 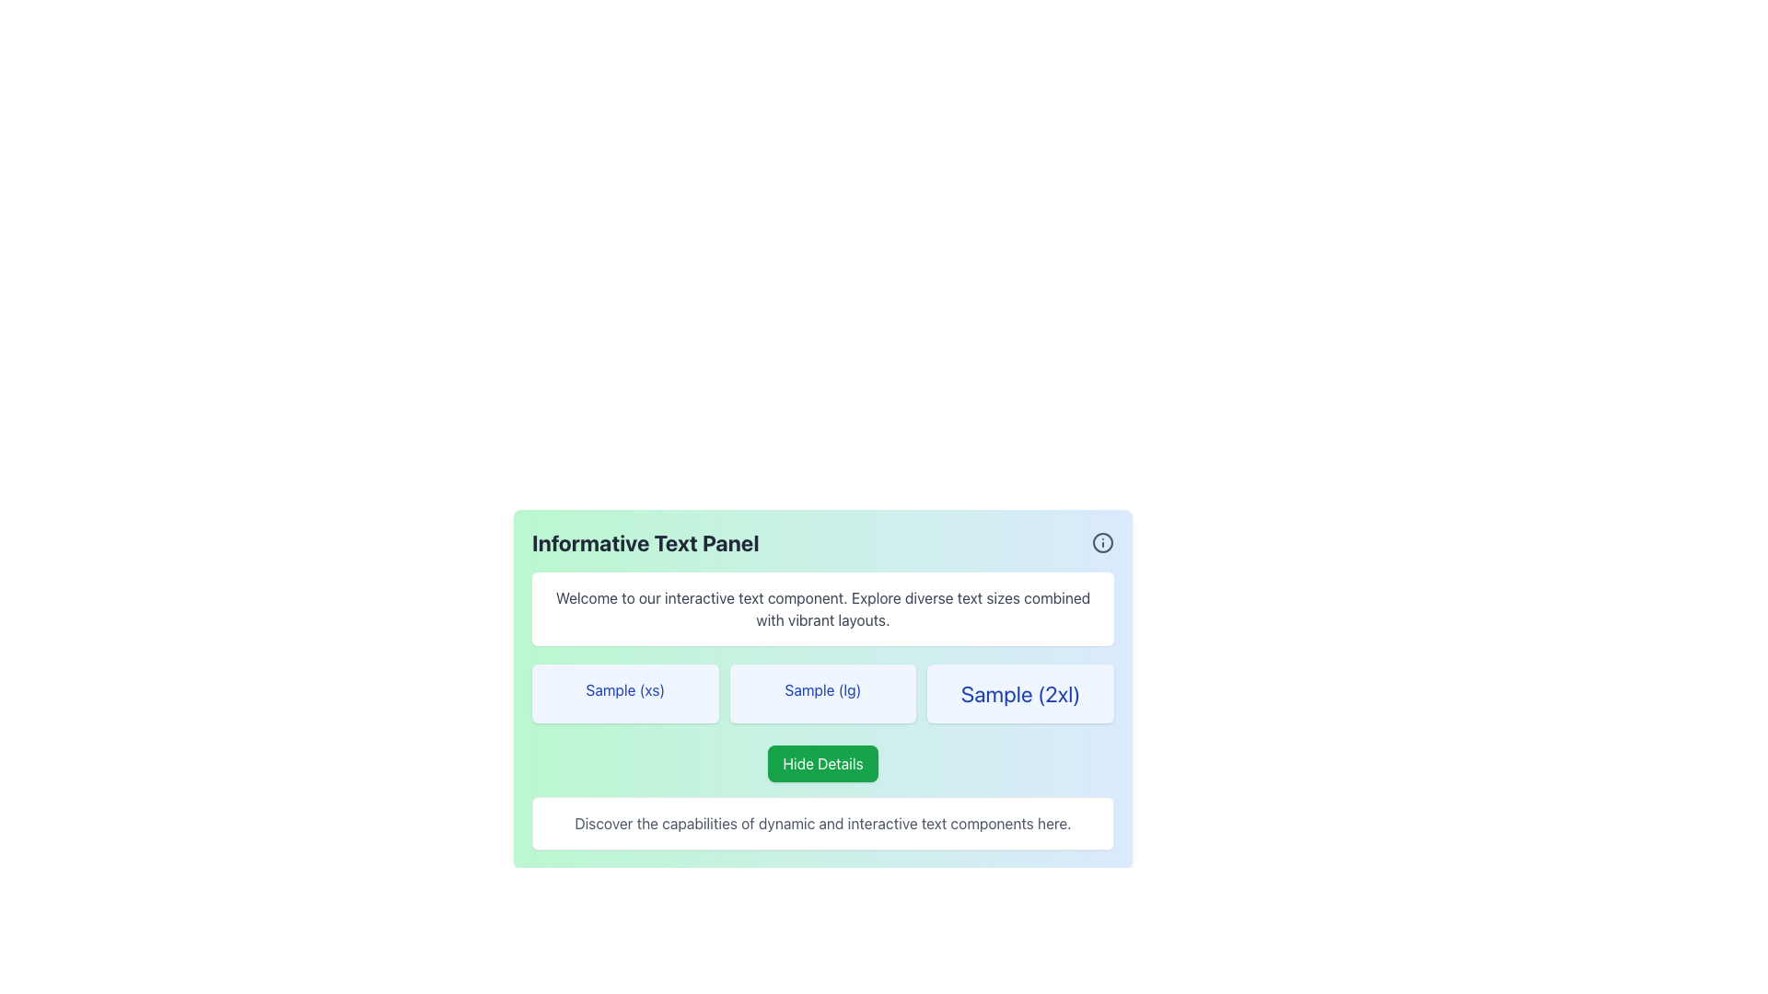 I want to click on the circular informational icon located in the top-right corner of the 'Informative Text Panel', so click(x=1103, y=542).